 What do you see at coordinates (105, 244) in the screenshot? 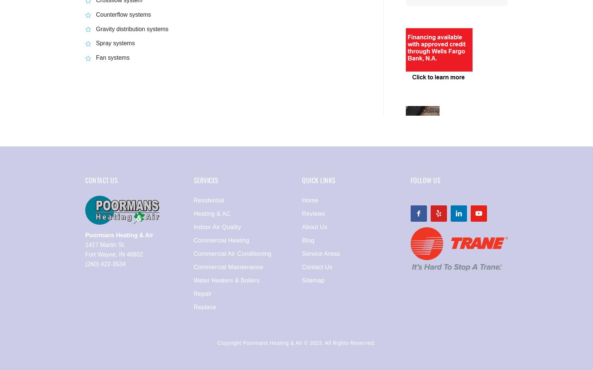
I see `'1417 Martin St.'` at bounding box center [105, 244].